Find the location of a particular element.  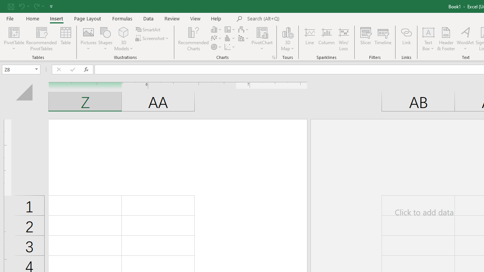

'Shapes' is located at coordinates (105, 39).